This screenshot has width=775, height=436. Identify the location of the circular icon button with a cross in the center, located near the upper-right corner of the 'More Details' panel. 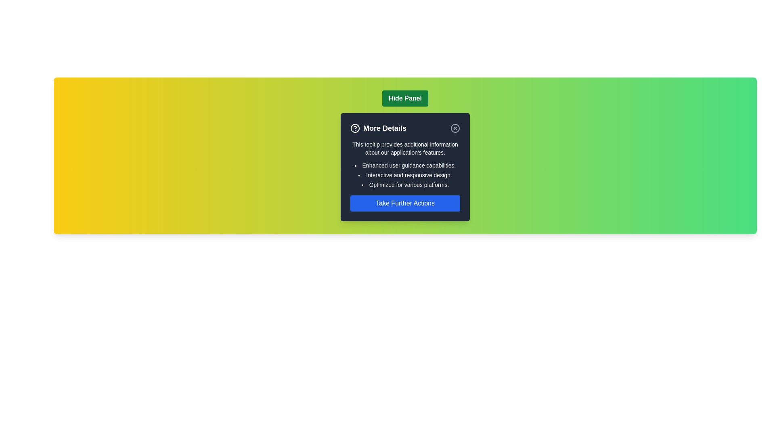
(455, 128).